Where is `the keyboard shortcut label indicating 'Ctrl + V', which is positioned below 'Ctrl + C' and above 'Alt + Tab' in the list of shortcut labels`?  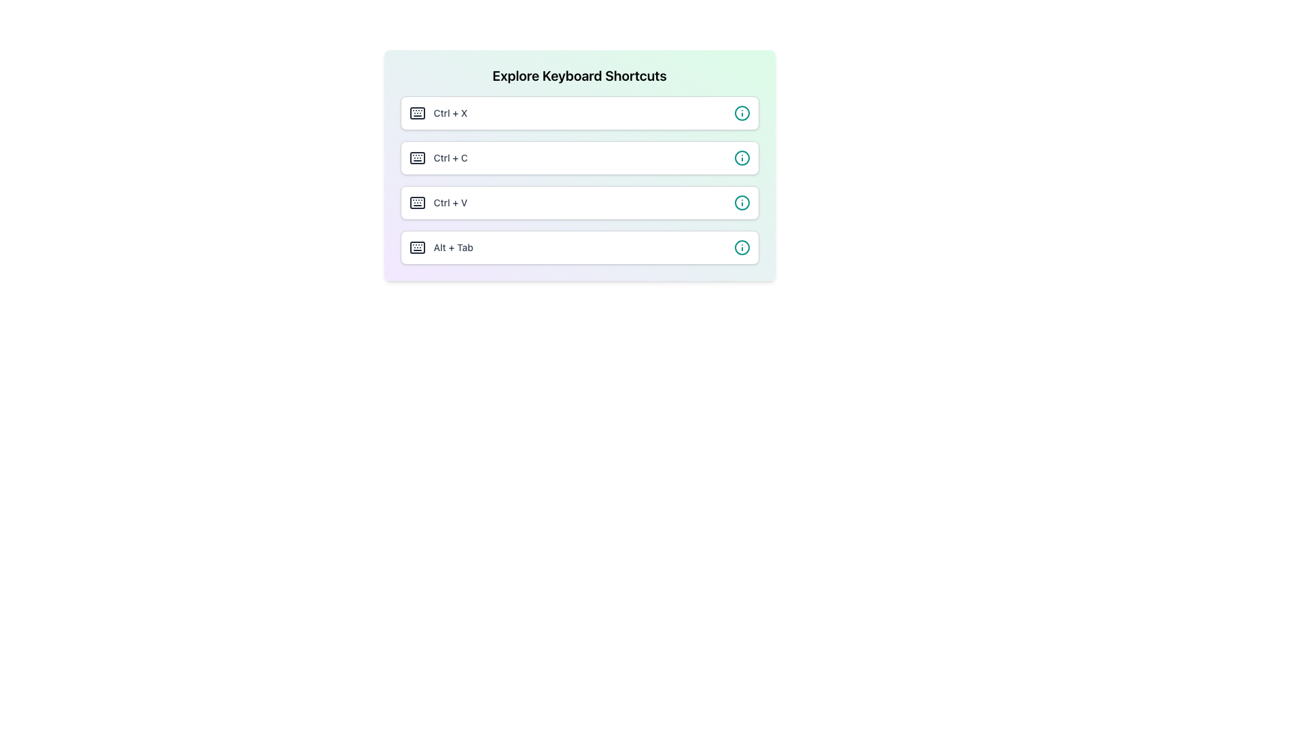 the keyboard shortcut label indicating 'Ctrl + V', which is positioned below 'Ctrl + C' and above 'Alt + Tab' in the list of shortcut labels is located at coordinates (450, 203).